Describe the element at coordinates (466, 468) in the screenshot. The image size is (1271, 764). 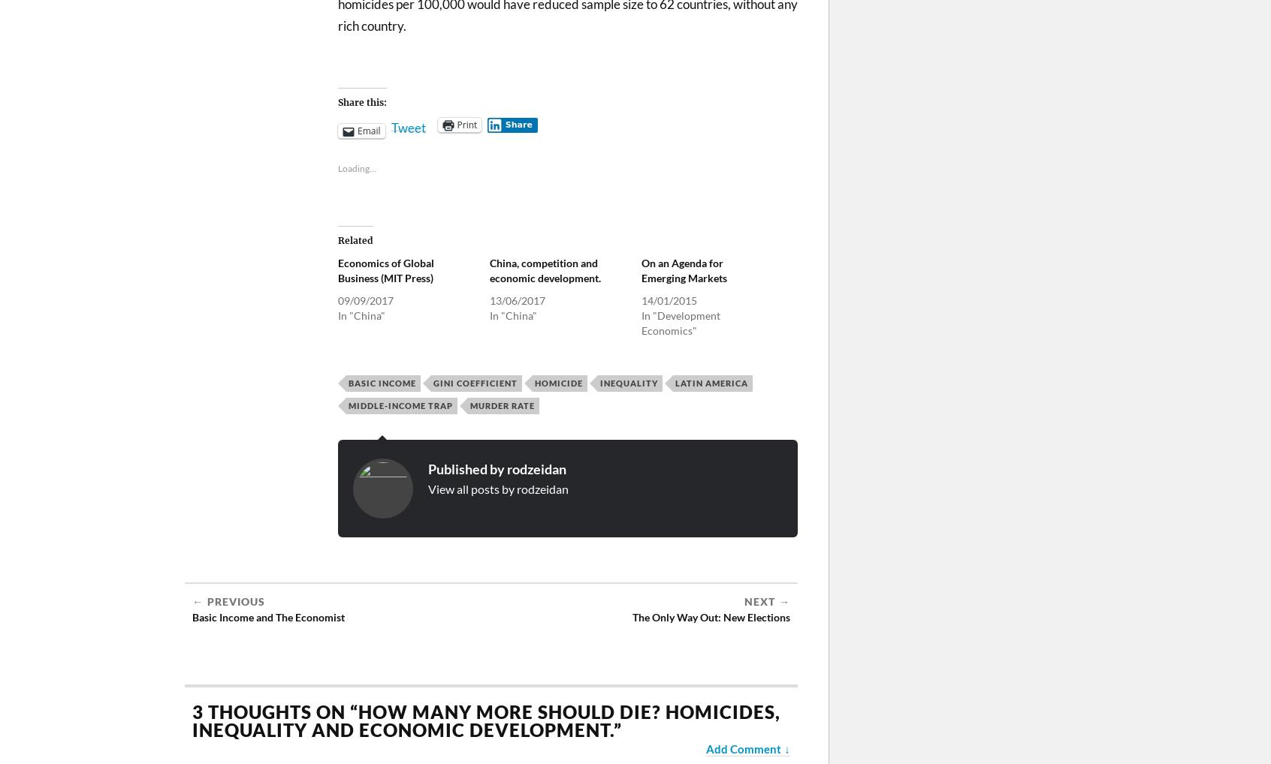
I see `'Published by'` at that location.